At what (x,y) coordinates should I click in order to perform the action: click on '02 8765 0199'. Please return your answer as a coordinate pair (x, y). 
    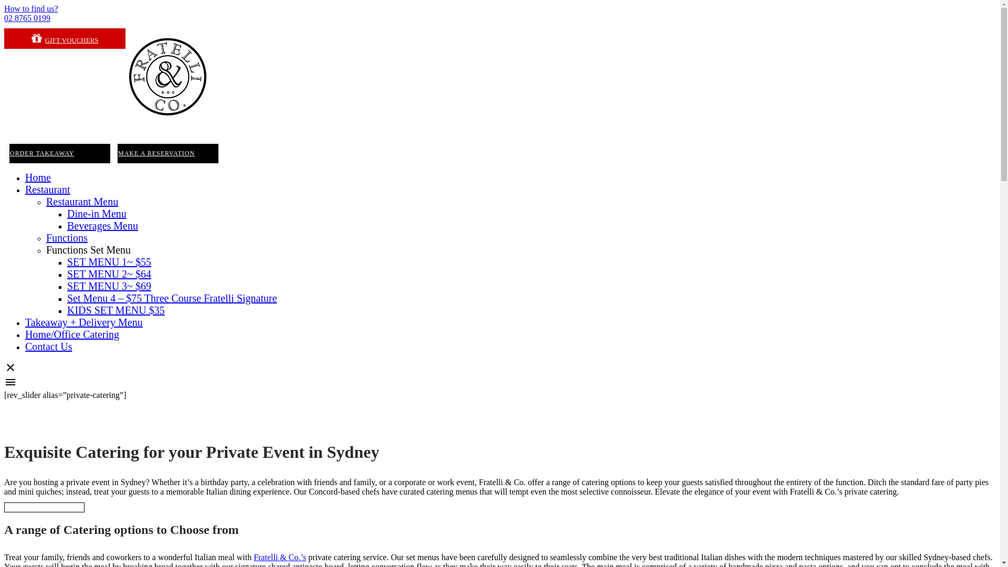
    Looking at the image, I should click on (27, 18).